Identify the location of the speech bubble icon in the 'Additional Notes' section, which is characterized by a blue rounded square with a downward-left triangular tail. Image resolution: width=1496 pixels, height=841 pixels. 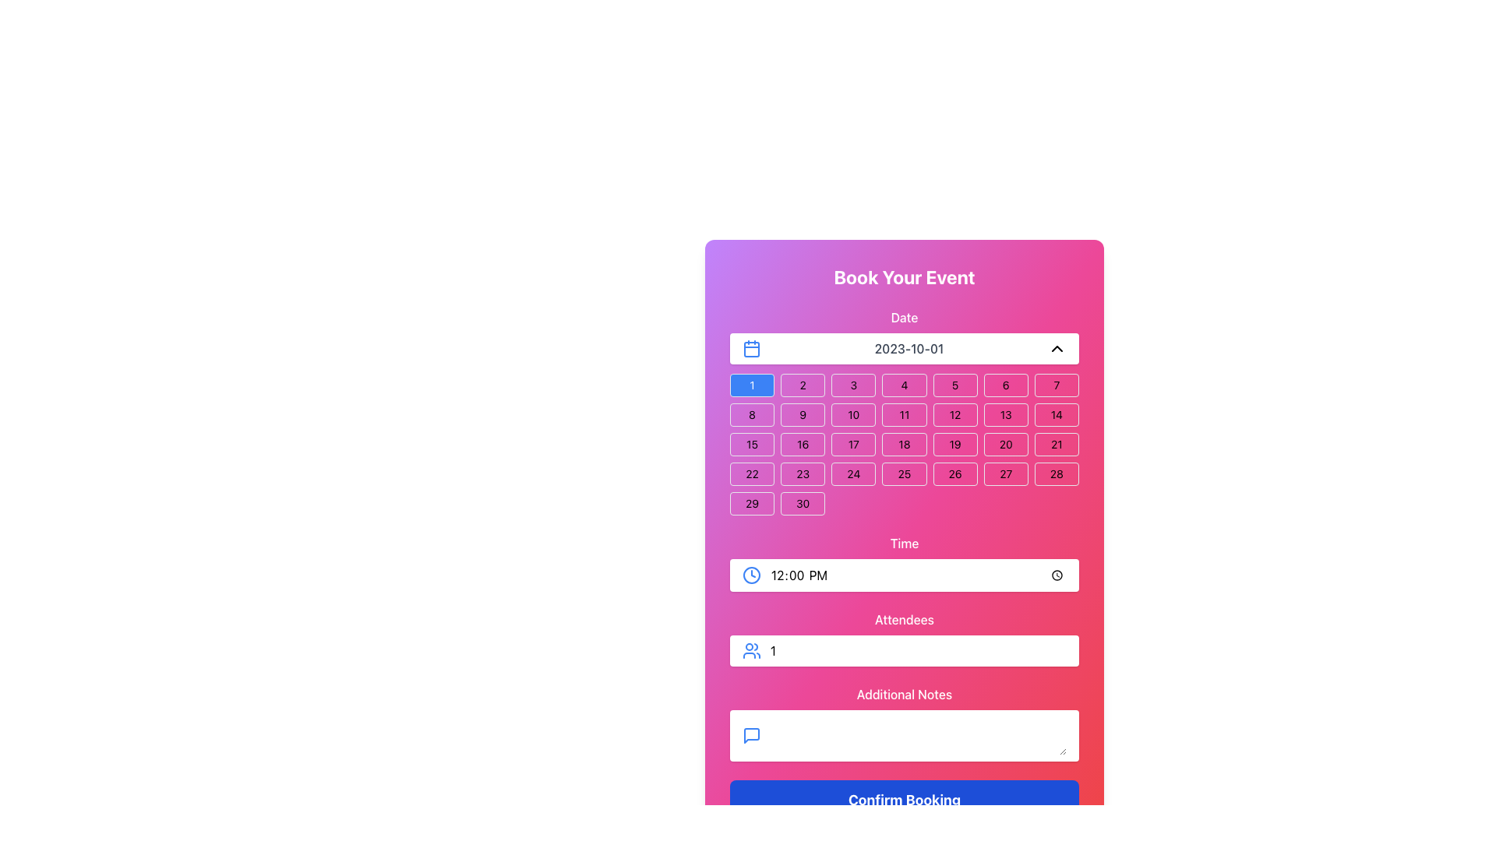
(751, 736).